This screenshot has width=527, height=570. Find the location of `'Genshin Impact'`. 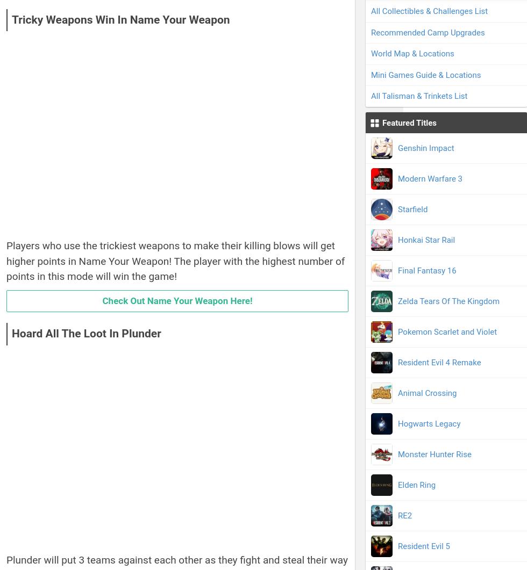

'Genshin Impact' is located at coordinates (426, 147).